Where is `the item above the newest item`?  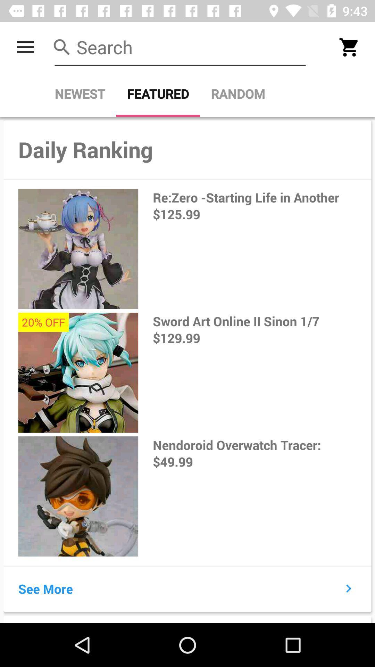 the item above the newest item is located at coordinates (25, 47).